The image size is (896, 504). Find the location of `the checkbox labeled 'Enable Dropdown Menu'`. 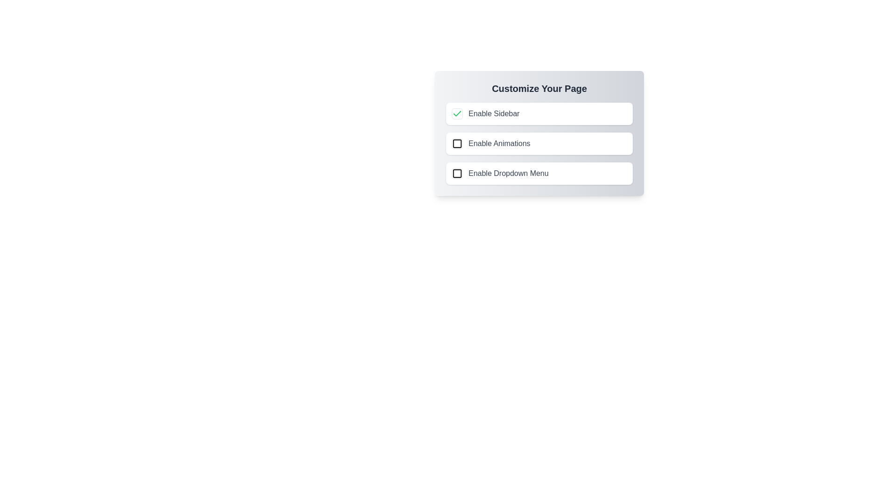

the checkbox labeled 'Enable Dropdown Menu' is located at coordinates (539, 173).